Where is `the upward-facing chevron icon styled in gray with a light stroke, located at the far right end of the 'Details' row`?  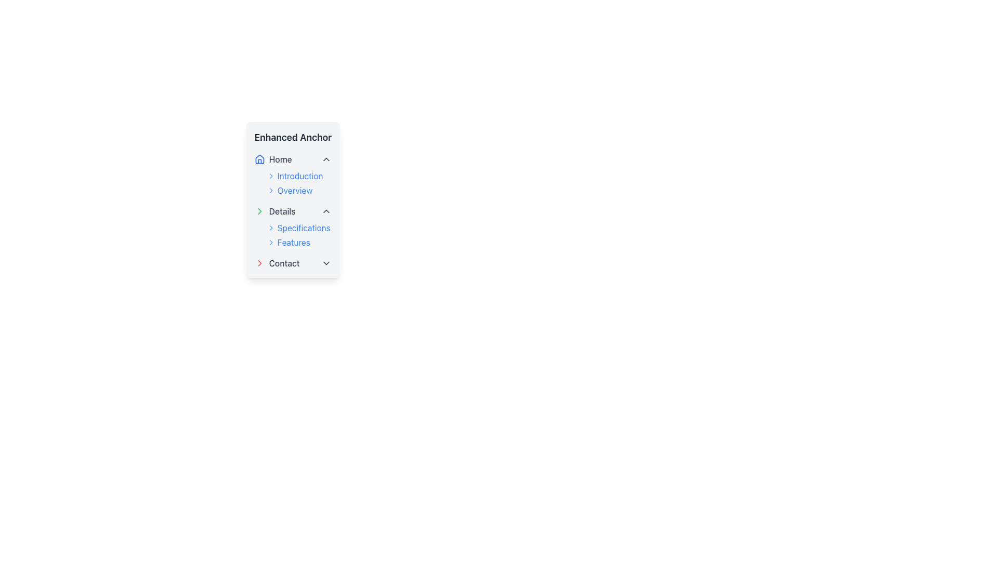 the upward-facing chevron icon styled in gray with a light stroke, located at the far right end of the 'Details' row is located at coordinates (326, 211).